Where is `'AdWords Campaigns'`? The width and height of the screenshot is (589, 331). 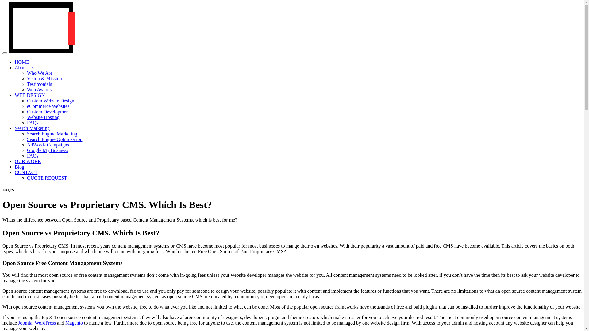
'AdWords Campaigns' is located at coordinates (48, 145).